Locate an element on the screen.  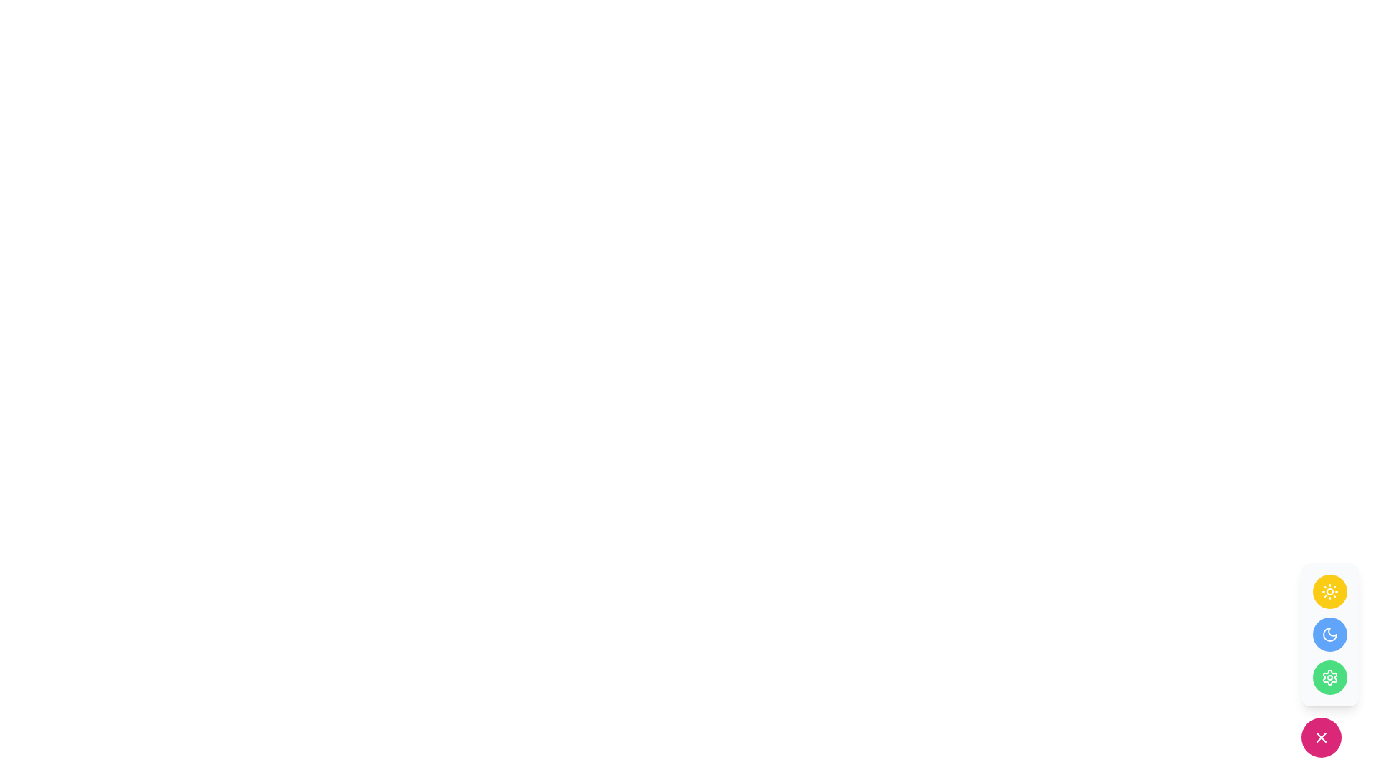
the circular button containing the SVG icon of a crescent moon is located at coordinates (1329, 633).